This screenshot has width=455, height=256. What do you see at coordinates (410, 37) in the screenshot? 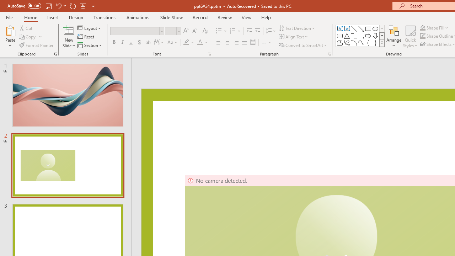
I see `'Quick Styles'` at bounding box center [410, 37].